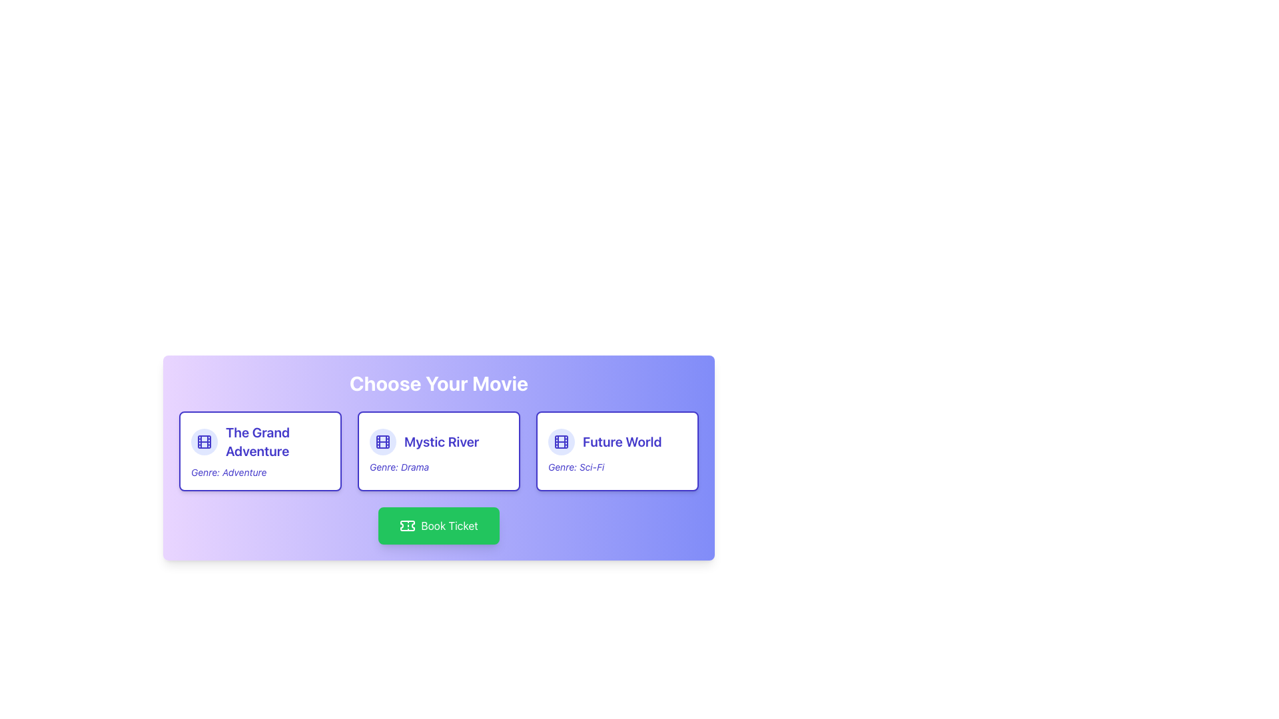 Image resolution: width=1279 pixels, height=719 pixels. I want to click on the ticket-shaped icon that is embedded within the 'Book Ticket' button, located below the three movie options, so click(407, 525).